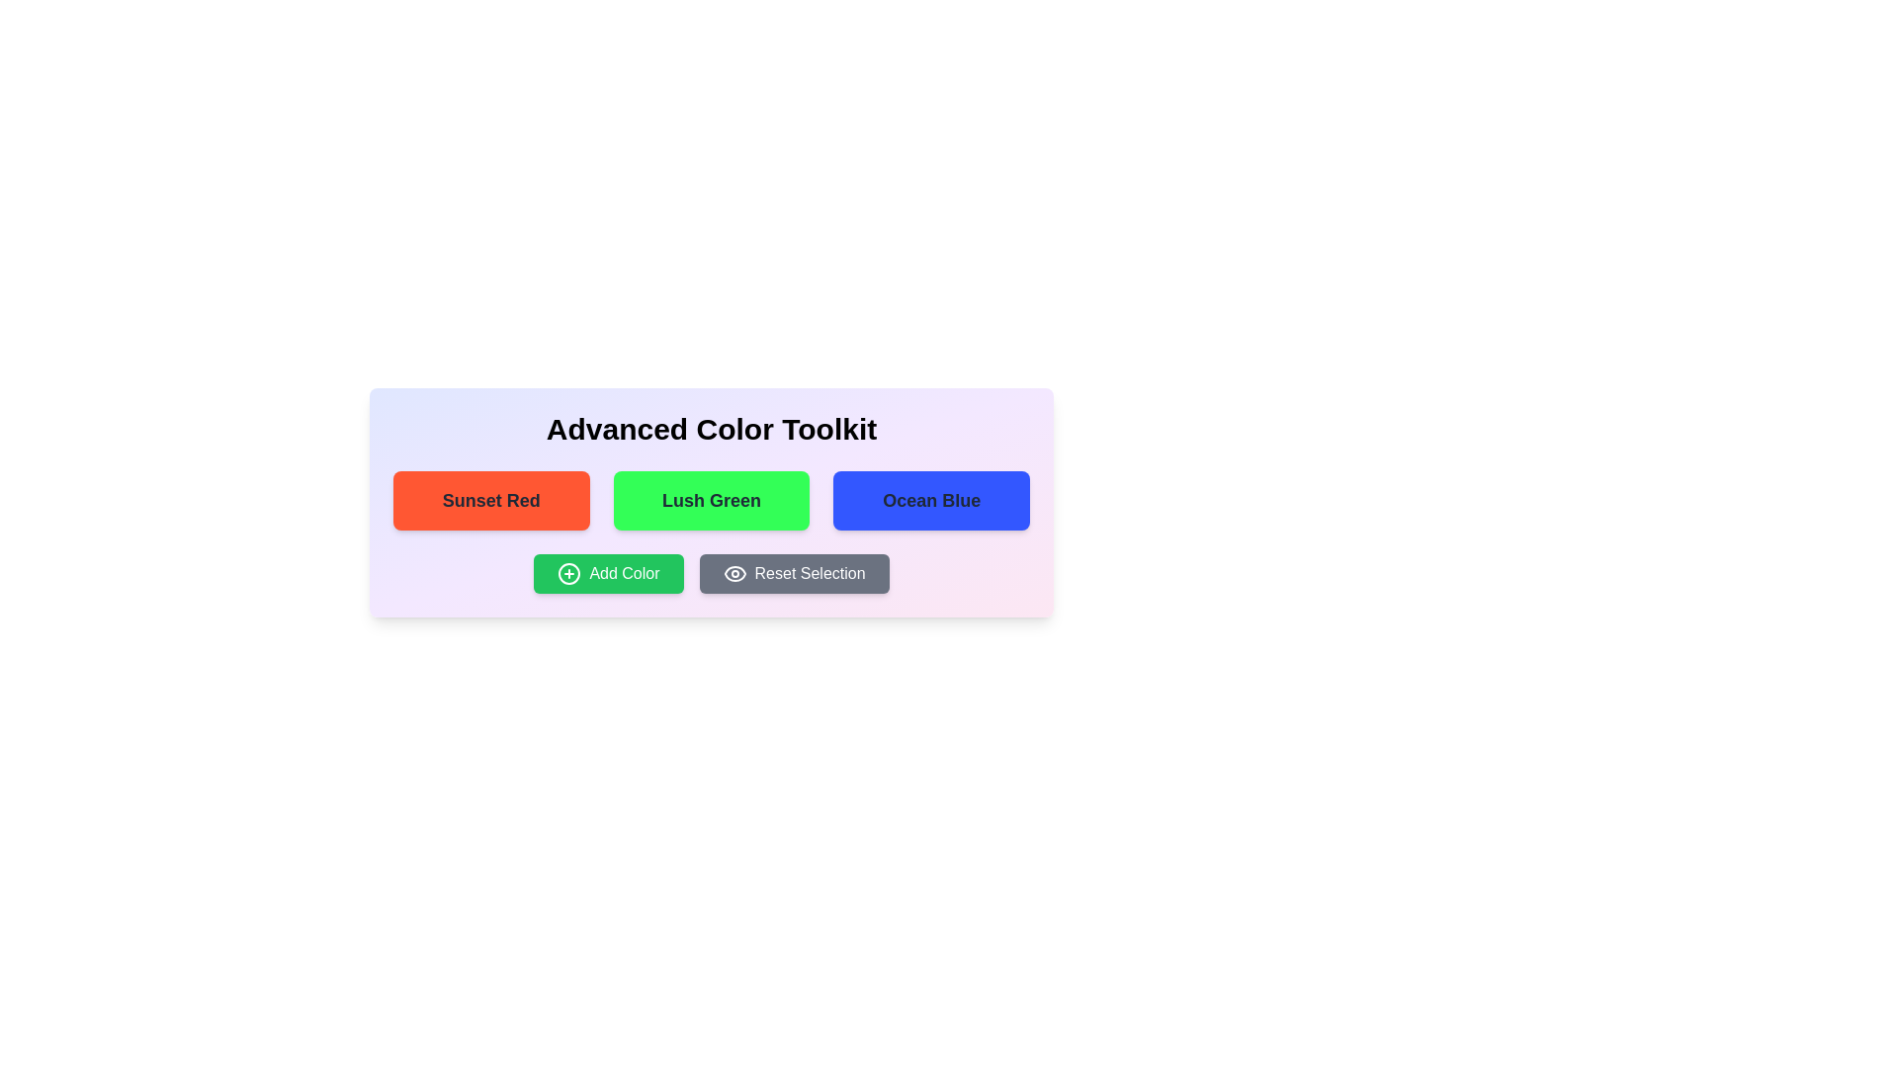  I want to click on the Grid layout containing the three colored buttons labeled 'Sunset Red', 'Lush Green', and 'Ocean Blue', so click(712, 499).